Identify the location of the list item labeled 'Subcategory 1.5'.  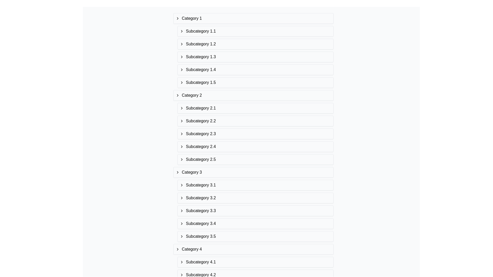
(255, 82).